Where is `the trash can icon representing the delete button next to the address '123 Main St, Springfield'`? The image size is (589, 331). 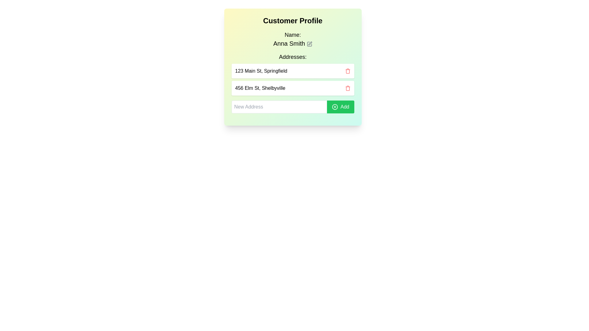 the trash can icon representing the delete button next to the address '123 Main St, Springfield' is located at coordinates (348, 71).